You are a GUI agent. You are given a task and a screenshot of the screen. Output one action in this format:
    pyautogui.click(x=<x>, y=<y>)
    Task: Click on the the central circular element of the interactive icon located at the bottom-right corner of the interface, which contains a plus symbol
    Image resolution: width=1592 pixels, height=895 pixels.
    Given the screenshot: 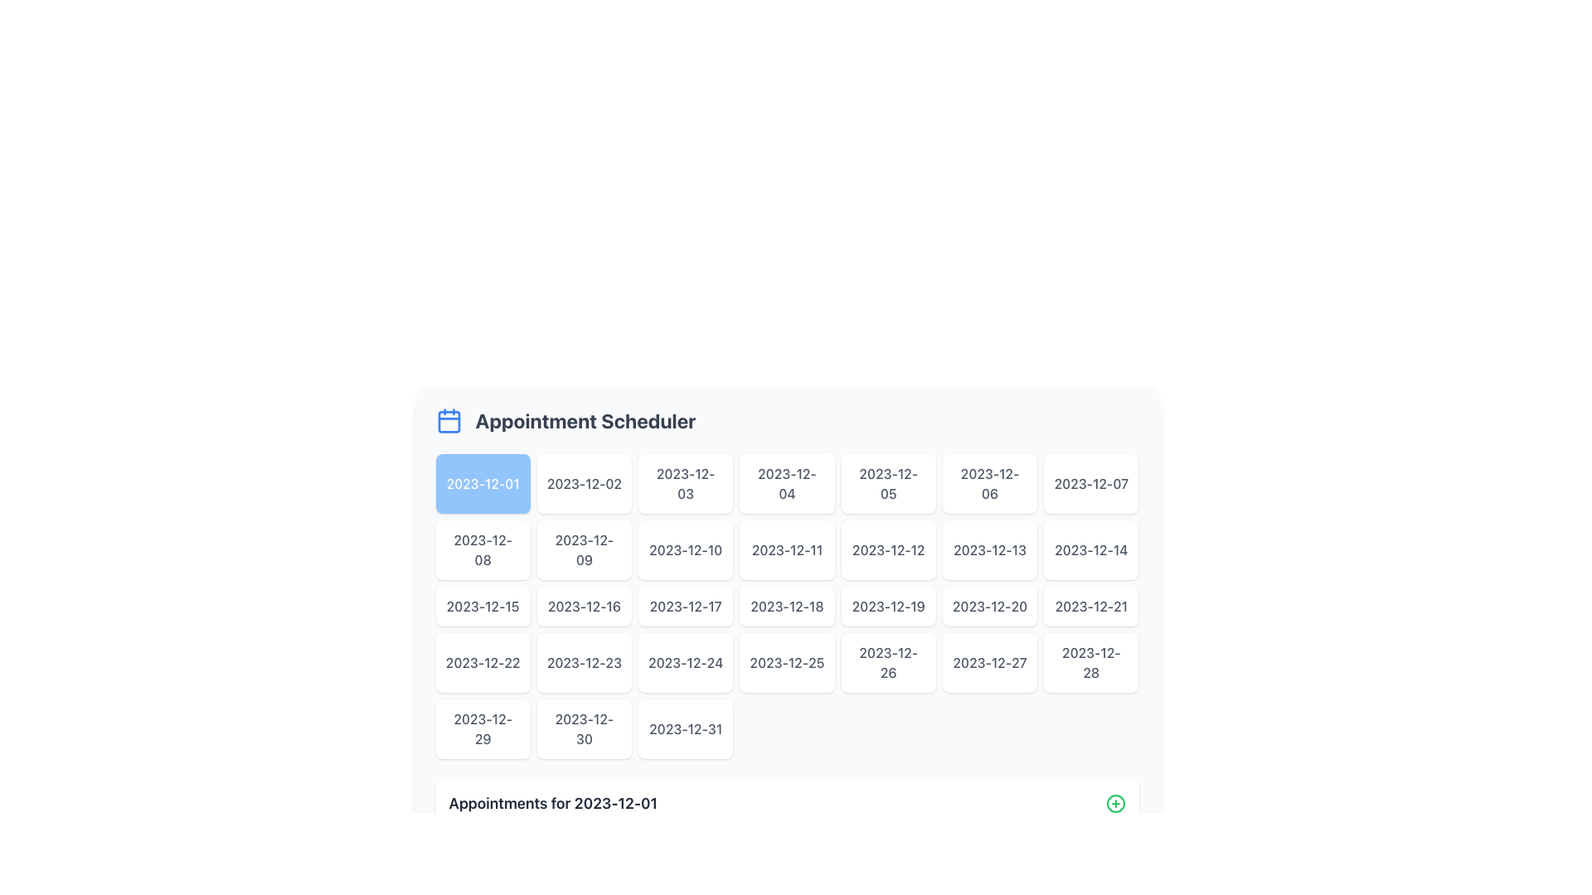 What is the action you would take?
    pyautogui.click(x=1115, y=802)
    